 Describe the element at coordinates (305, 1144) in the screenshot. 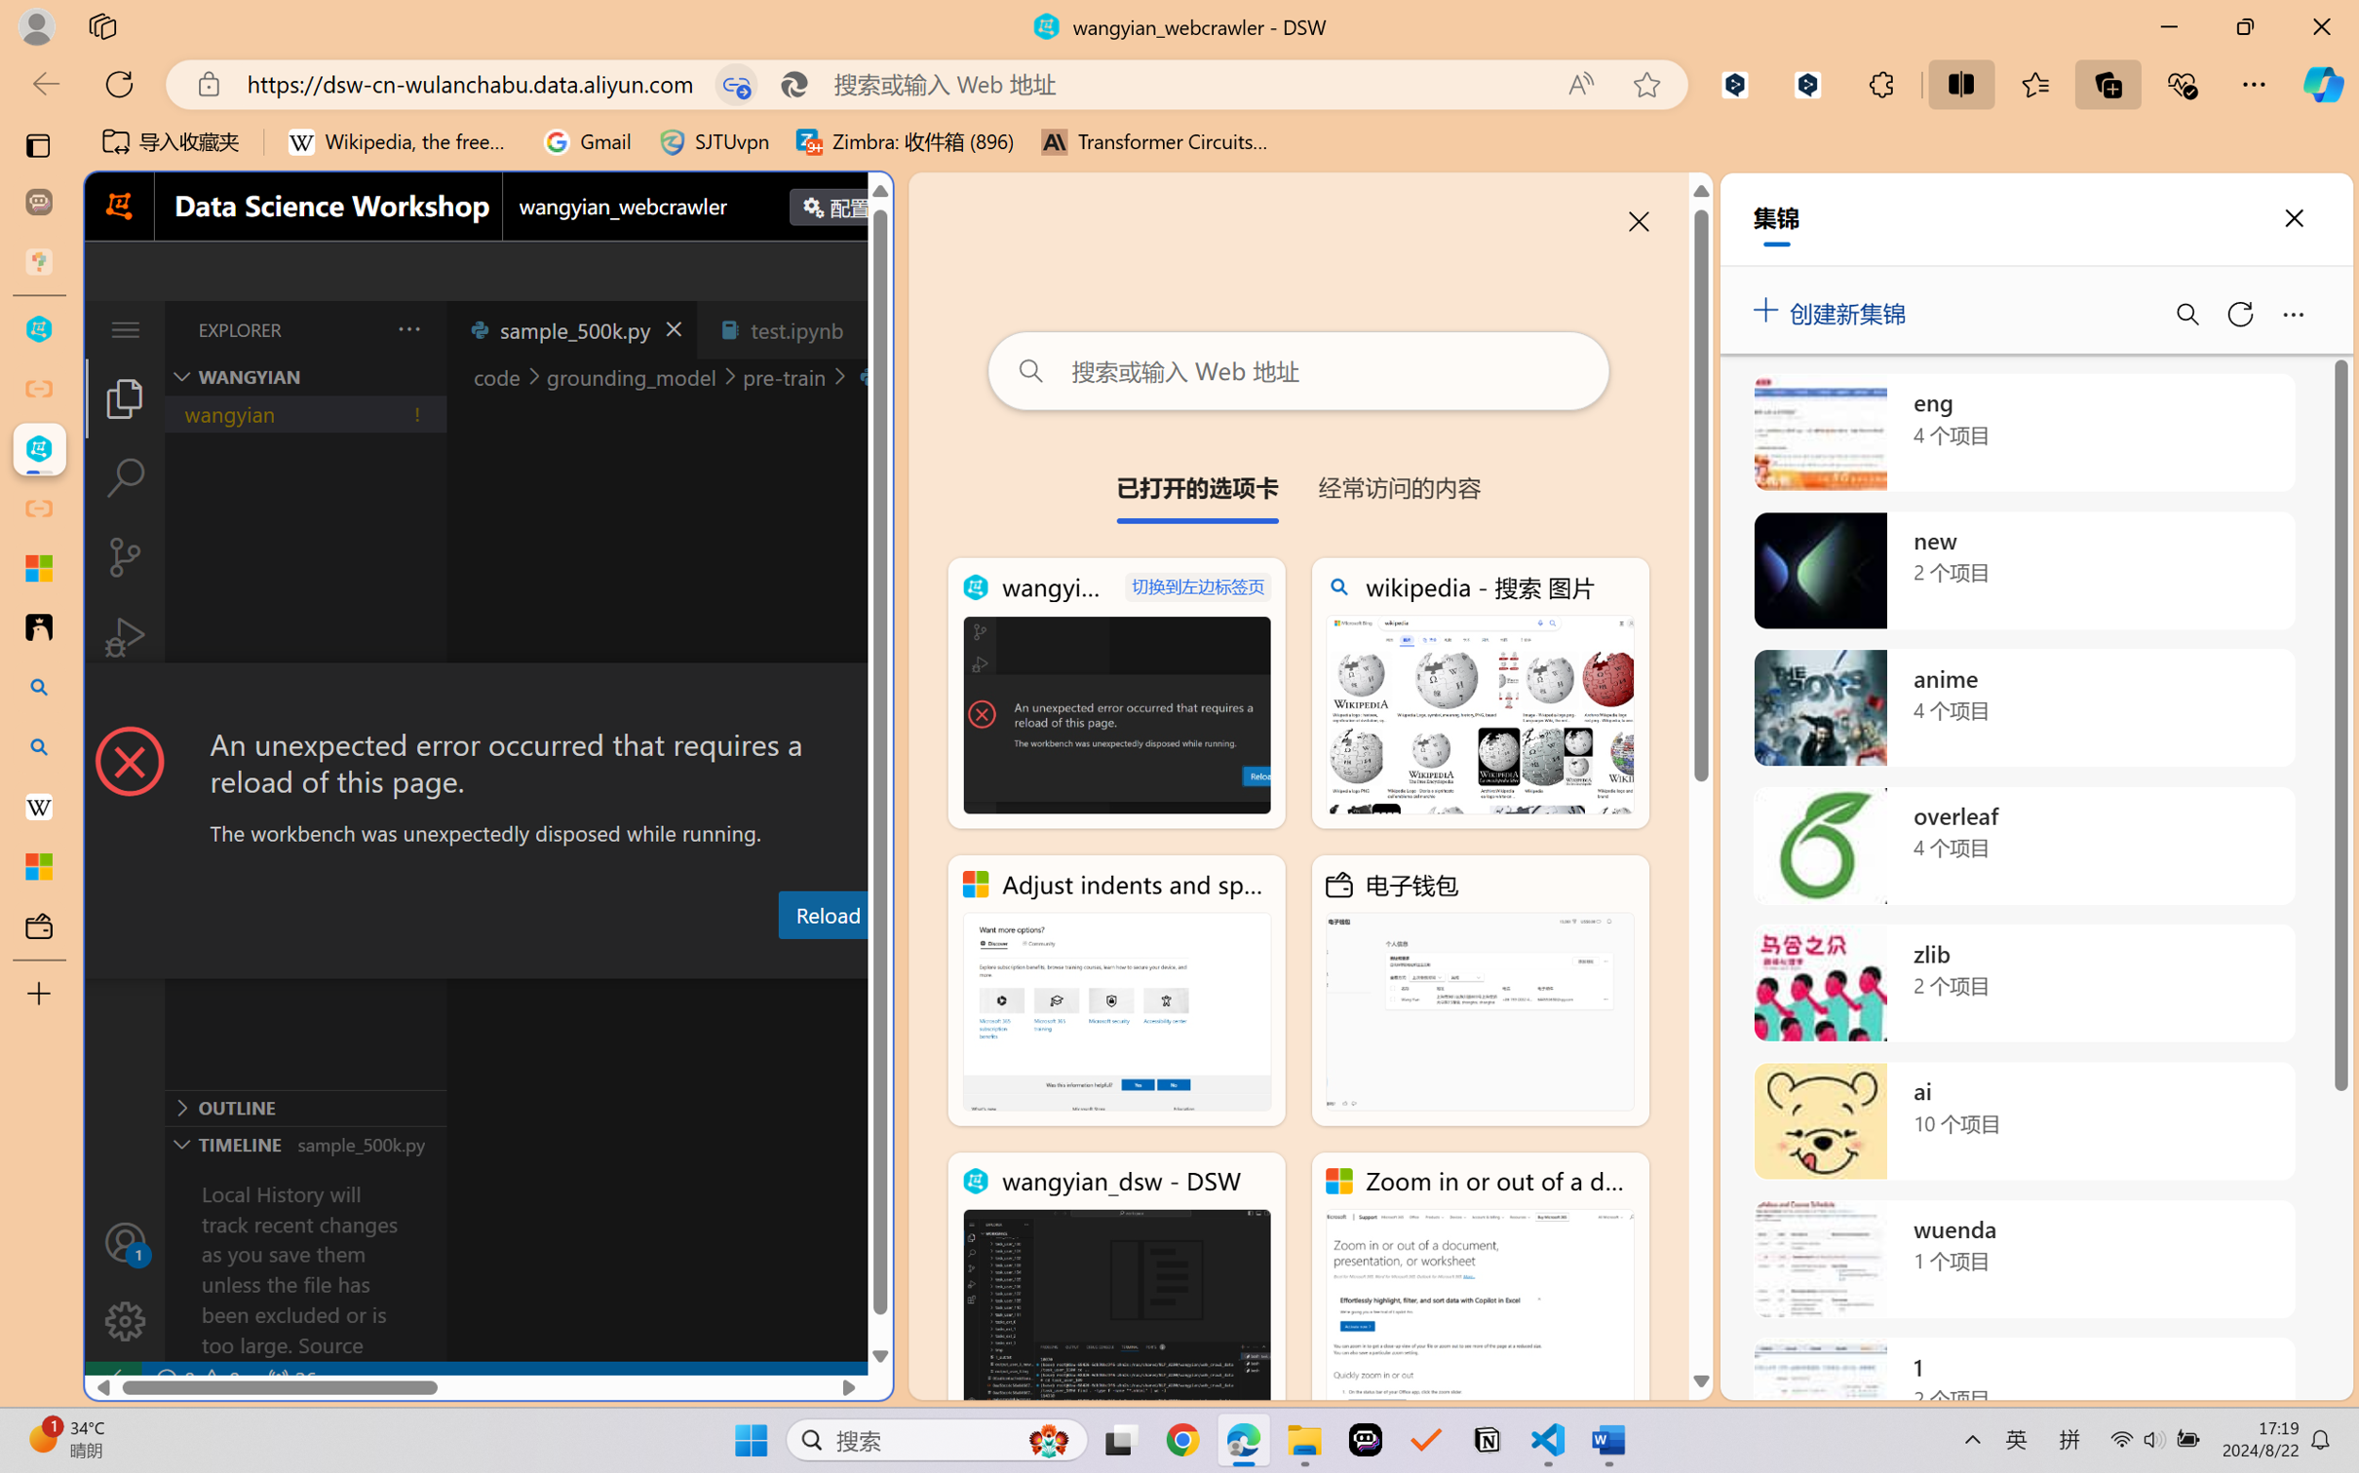

I see `'Timeline Section'` at that location.